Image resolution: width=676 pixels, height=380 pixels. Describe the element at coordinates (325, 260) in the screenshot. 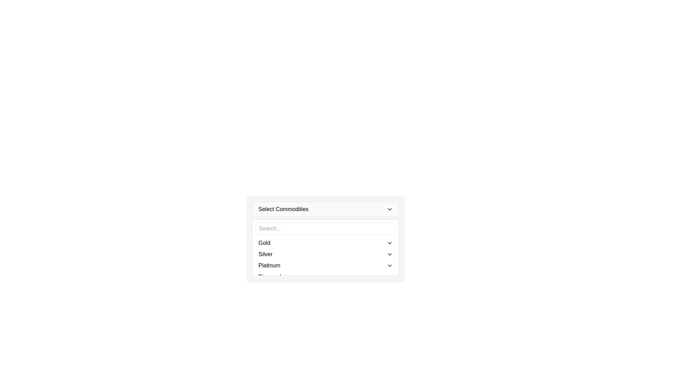

I see `the dropdown menu displaying options 'Gold', 'Silver', 'Platinum', and 'Diamond'` at that location.